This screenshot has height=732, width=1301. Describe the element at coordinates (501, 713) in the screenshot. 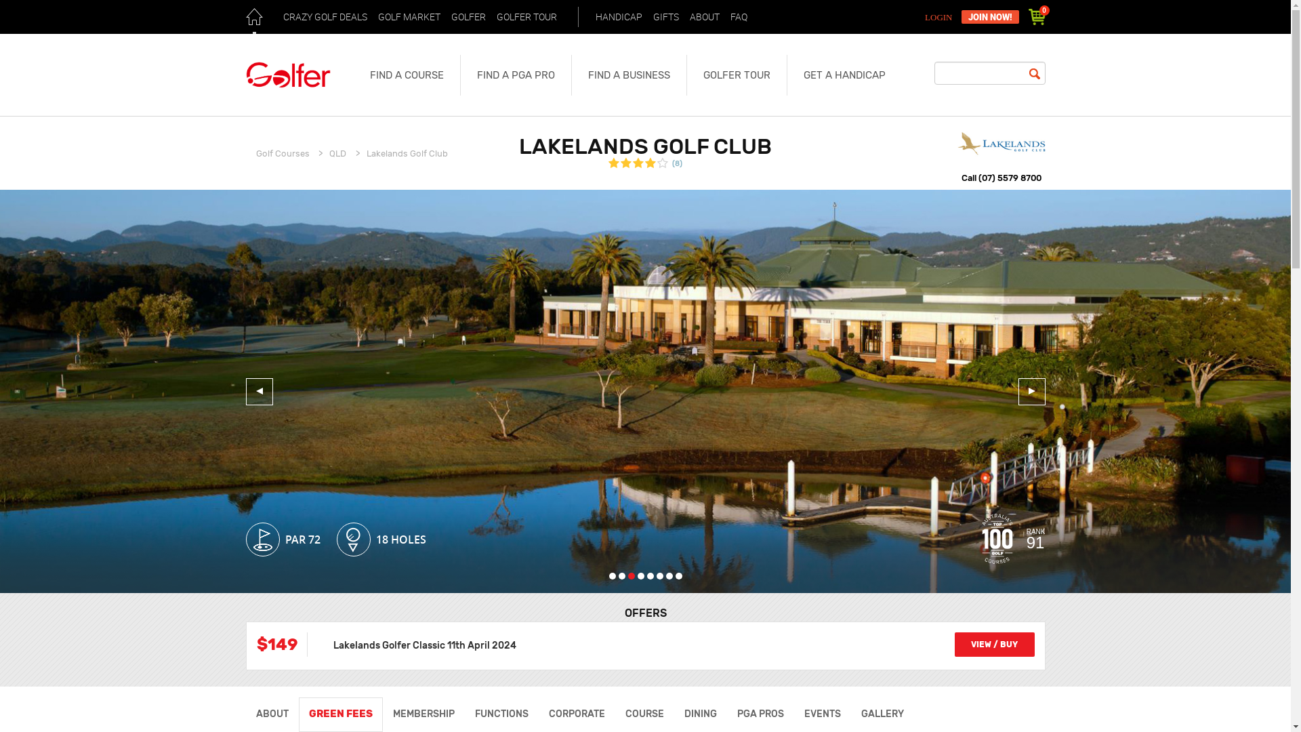

I see `'FUNCTIONS'` at that location.